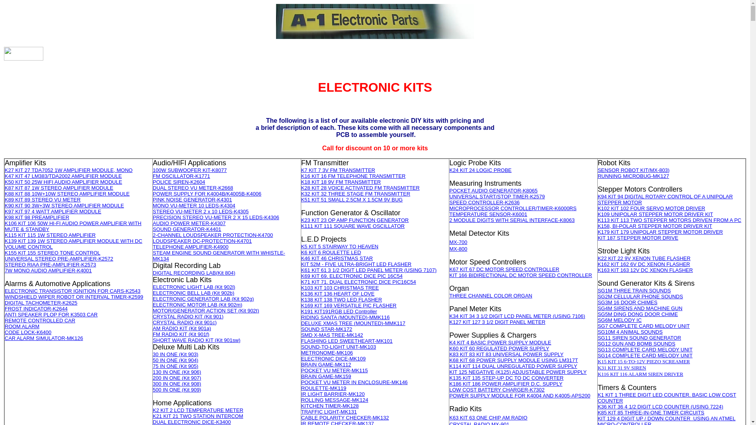 The height and width of the screenshot is (425, 756). I want to click on '7W MONO AUDIO AMPLIFIER-K4001', so click(48, 270).